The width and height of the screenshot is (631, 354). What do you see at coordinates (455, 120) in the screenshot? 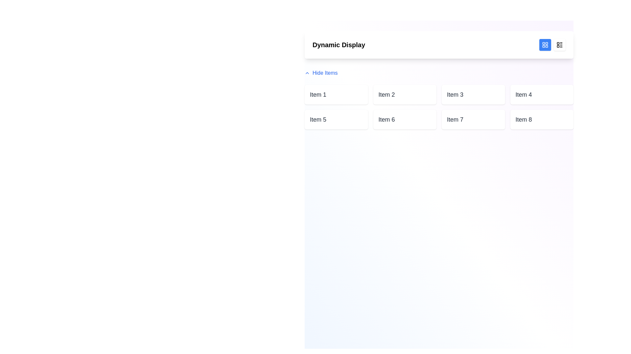
I see `the text label 'Item 7' which is styled with a large font size in dark gray color, located in the second row and third column of a grid layout` at bounding box center [455, 120].